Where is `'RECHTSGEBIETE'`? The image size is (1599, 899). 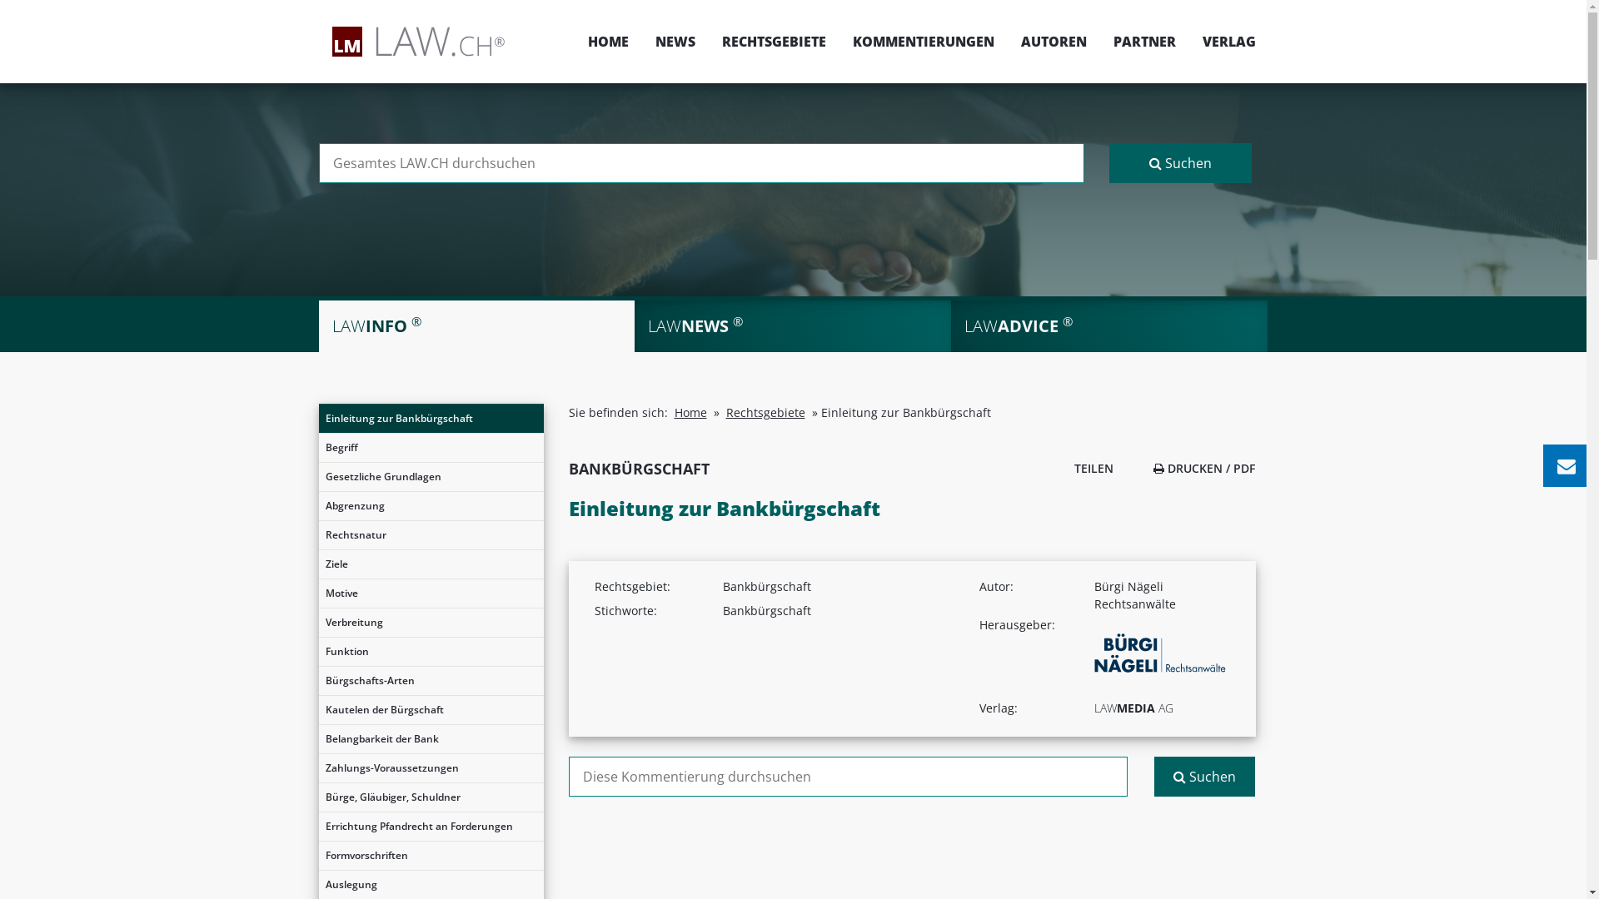 'RECHTSGEBIETE' is located at coordinates (772, 41).